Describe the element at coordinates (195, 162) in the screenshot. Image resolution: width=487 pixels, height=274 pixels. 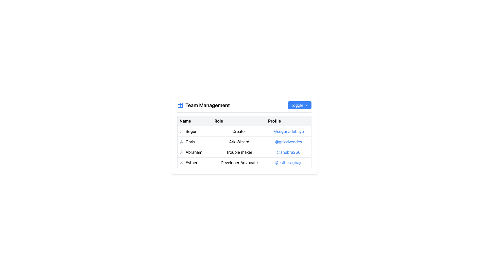
I see `the text label displaying 'Esther' with a user icon, located in the fourth row under the 'Name' column, adjacent to the 'Developer Advocate' role and '@estheragbaje' profile link` at that location.